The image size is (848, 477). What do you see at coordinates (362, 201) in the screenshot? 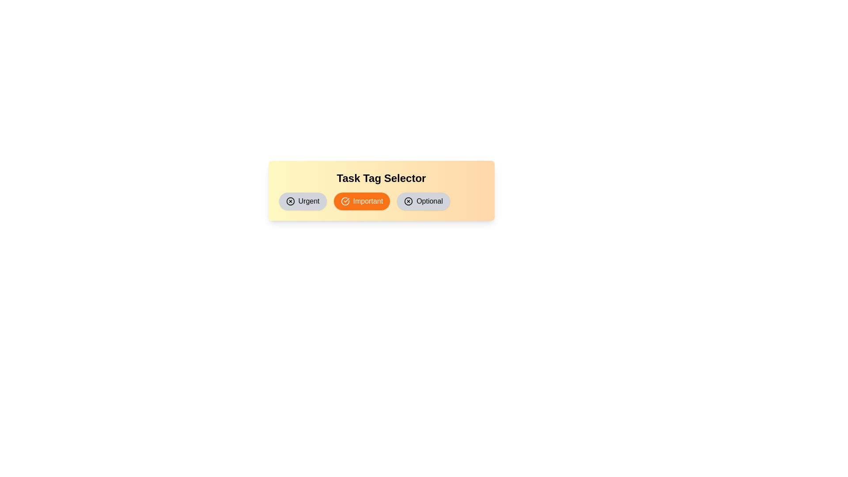
I see `the tag labeled Important` at bounding box center [362, 201].